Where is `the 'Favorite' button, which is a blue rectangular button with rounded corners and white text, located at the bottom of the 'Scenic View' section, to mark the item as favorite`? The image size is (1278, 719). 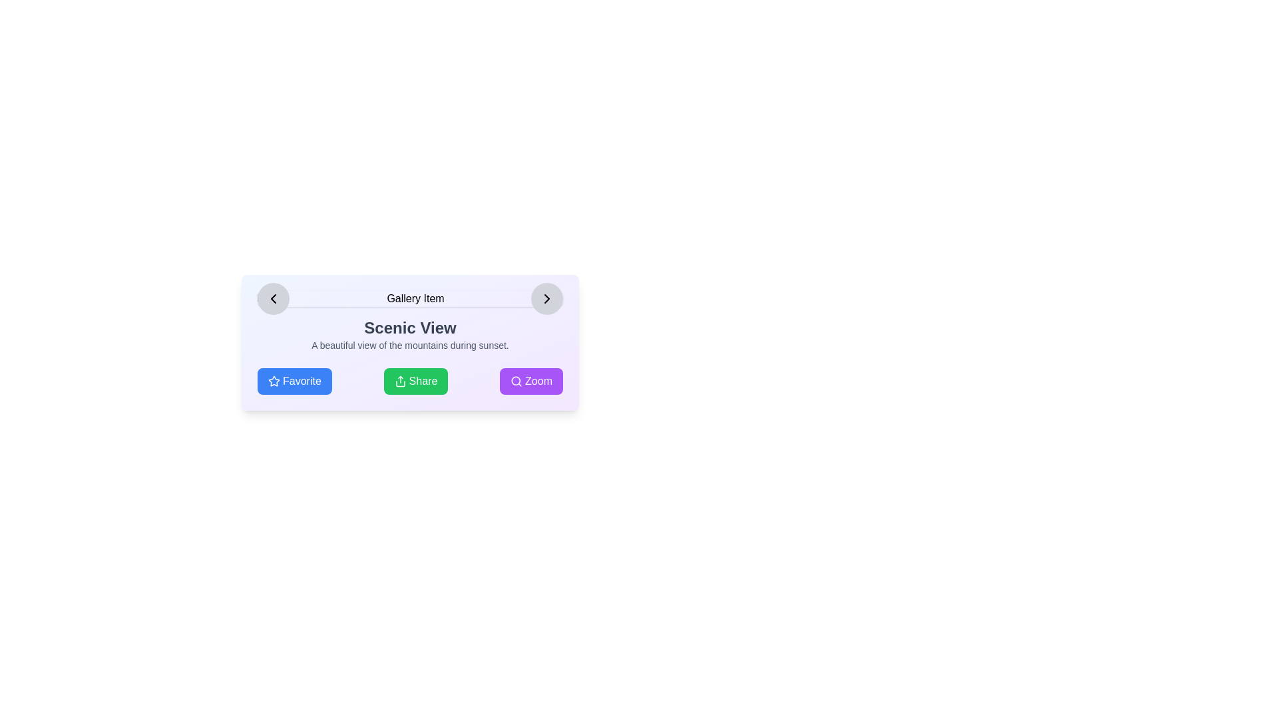
the 'Favorite' button, which is a blue rectangular button with rounded corners and white text, located at the bottom of the 'Scenic View' section, to mark the item as favorite is located at coordinates (293, 381).